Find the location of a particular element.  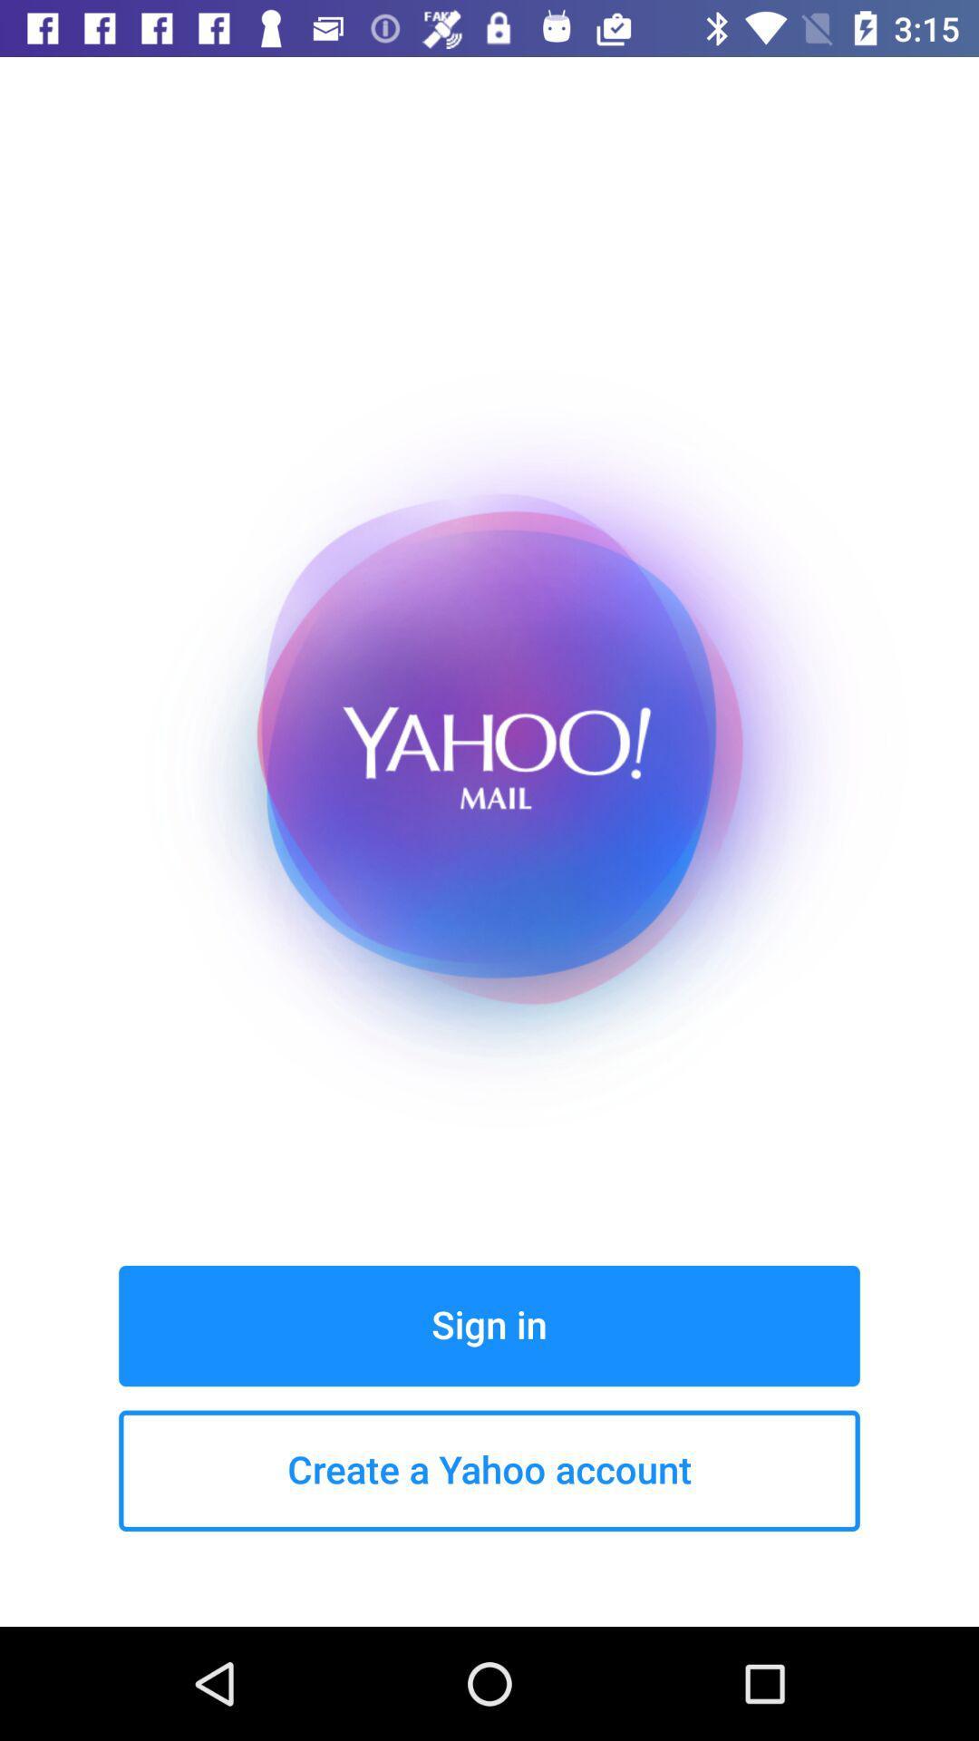

the item below sign in icon is located at coordinates (489, 1471).